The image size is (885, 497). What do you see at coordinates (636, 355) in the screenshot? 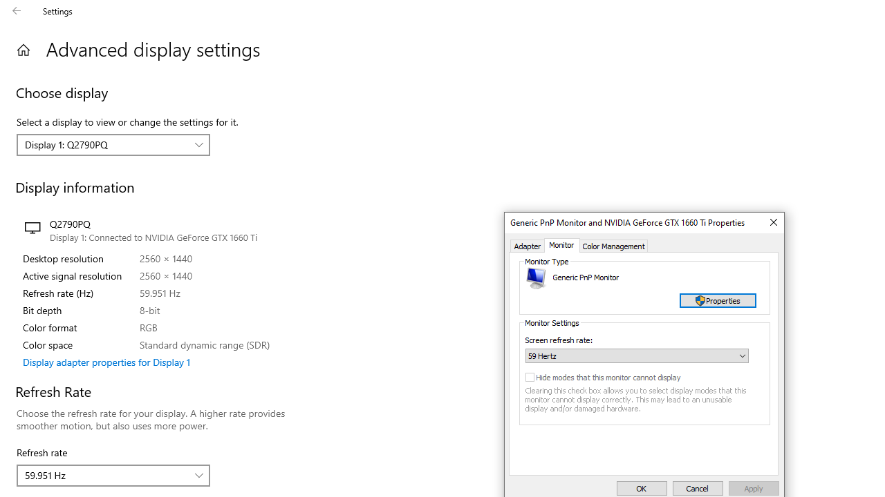
I see `'Screen refresh rate:'` at bounding box center [636, 355].